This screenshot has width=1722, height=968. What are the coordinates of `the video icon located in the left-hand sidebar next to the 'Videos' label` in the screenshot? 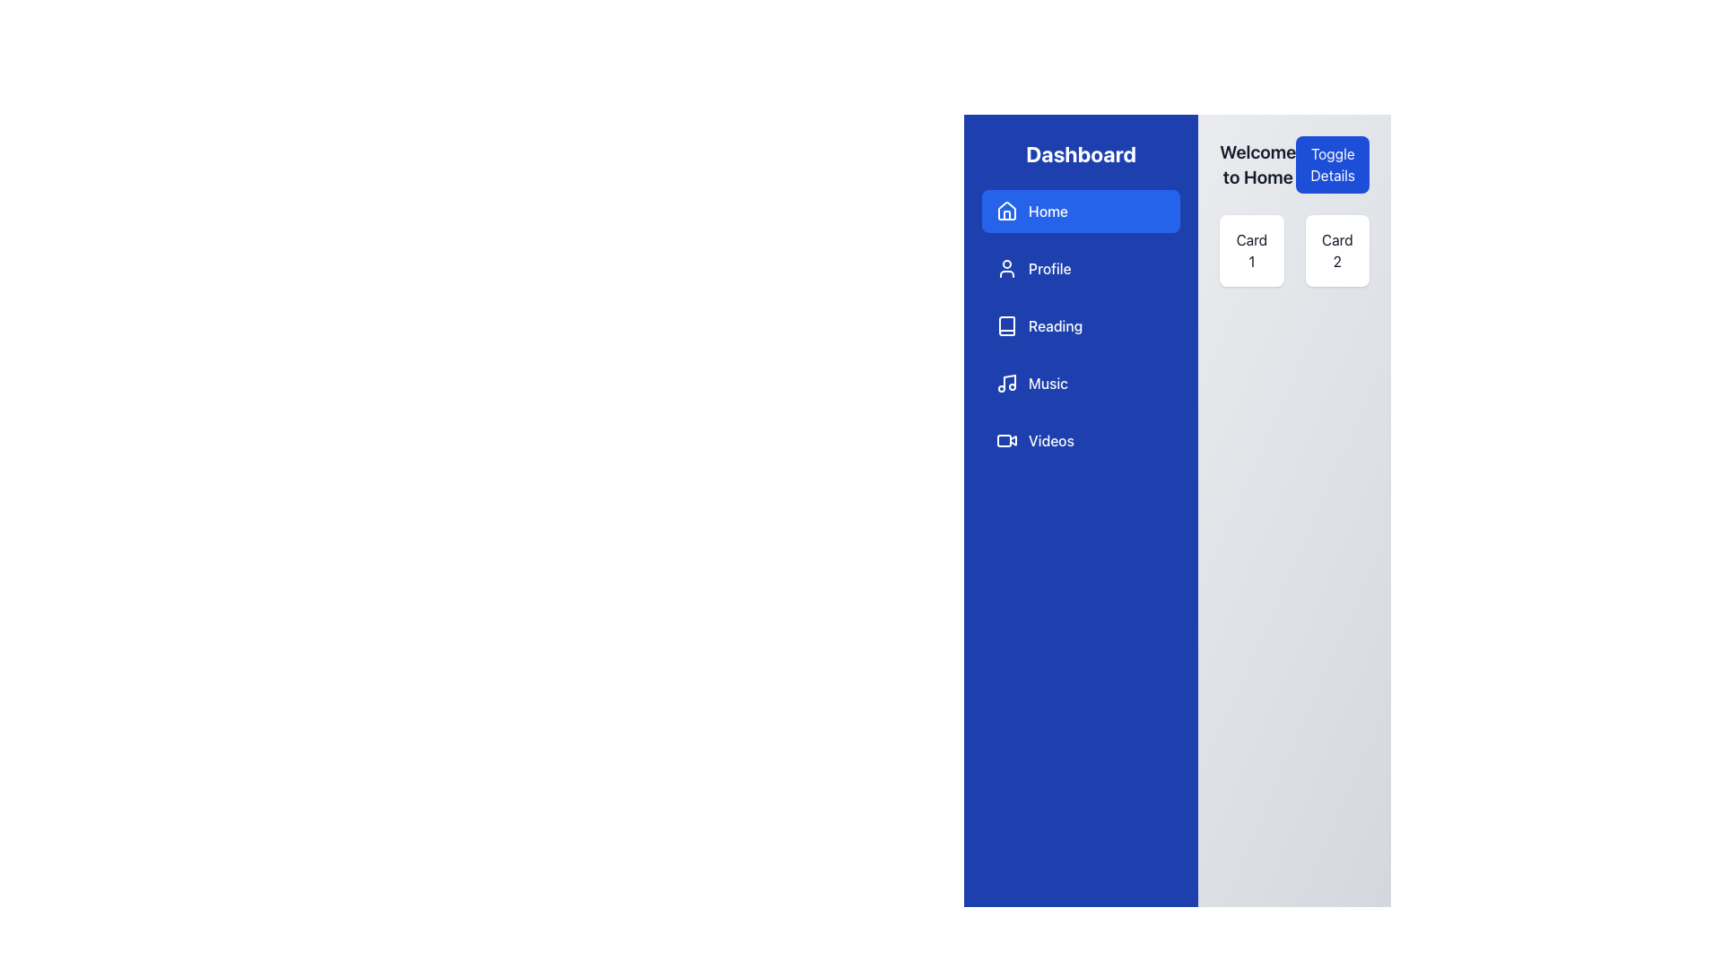 It's located at (1007, 441).